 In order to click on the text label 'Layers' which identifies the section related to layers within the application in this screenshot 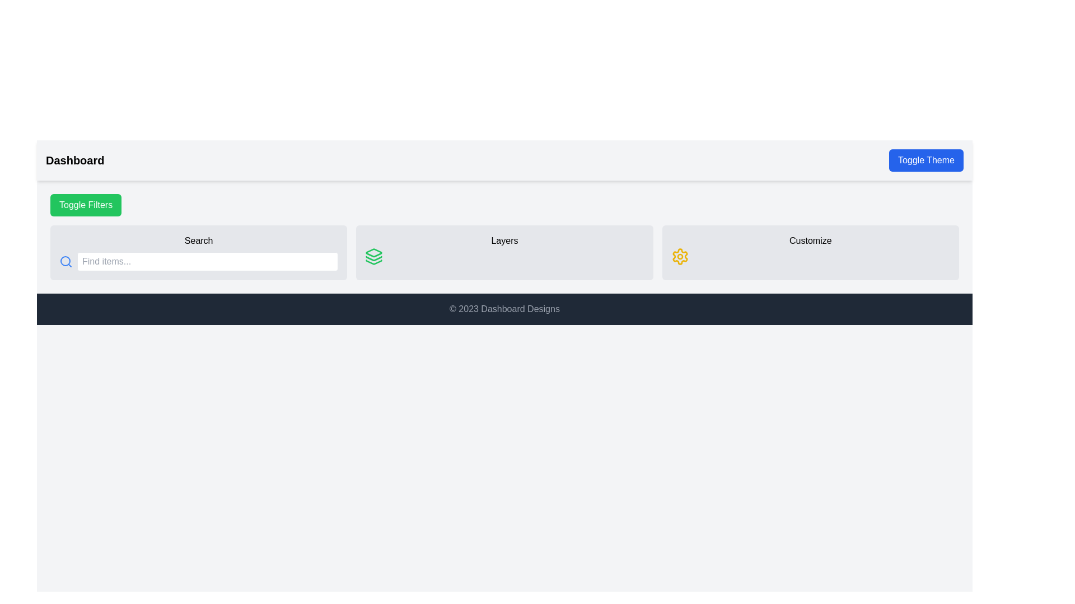, I will do `click(504, 240)`.